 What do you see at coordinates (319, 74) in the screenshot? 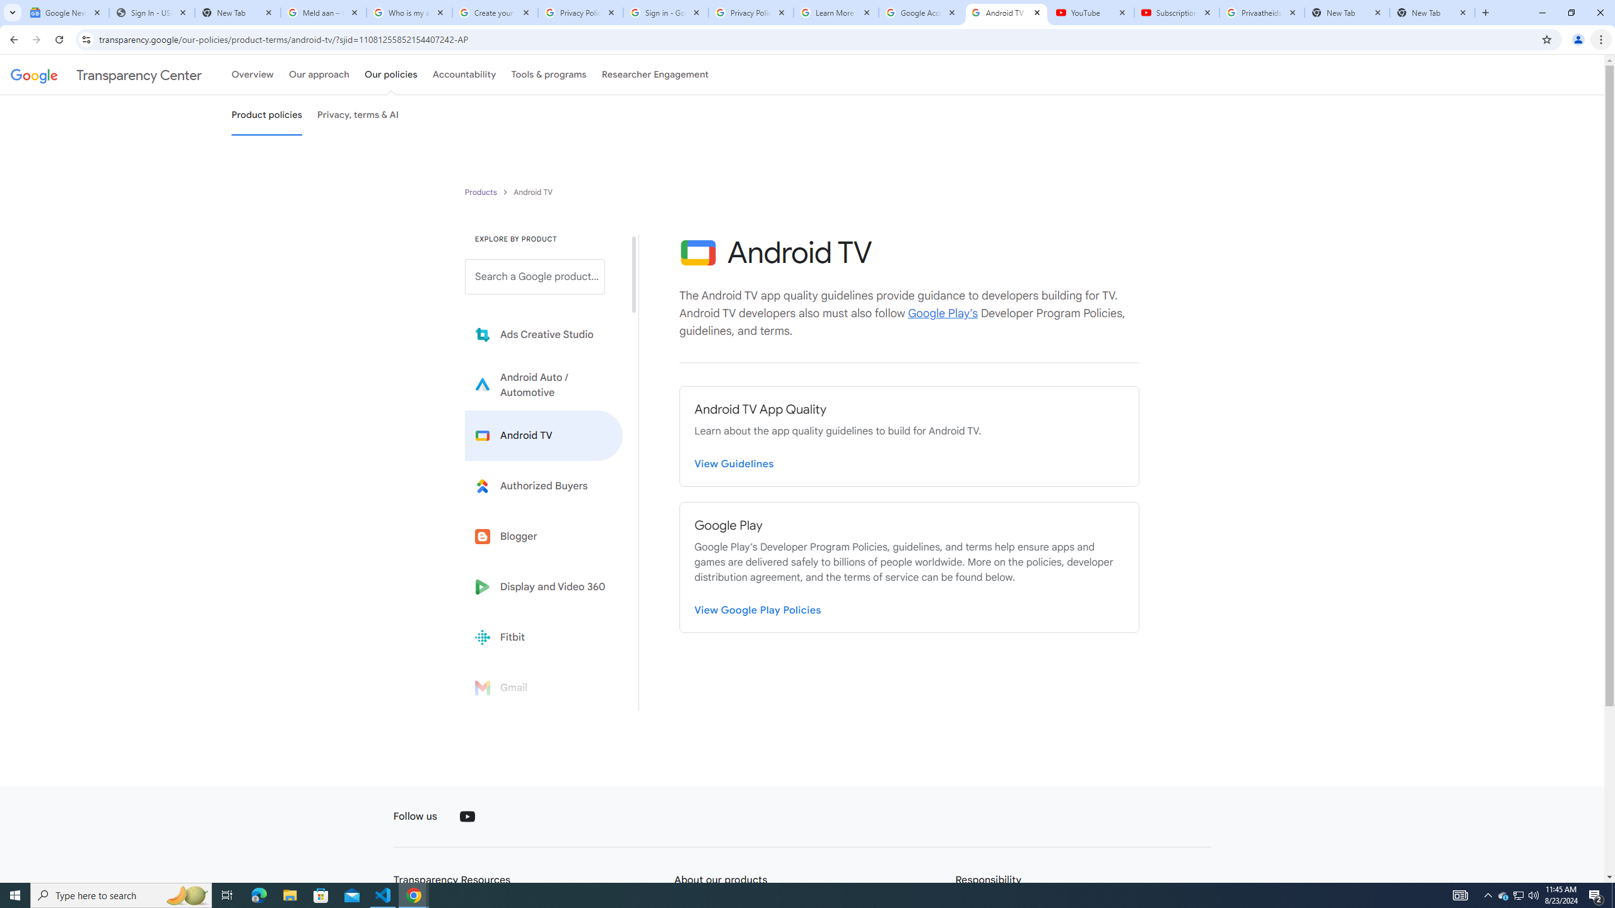
I see `'Our approach'` at bounding box center [319, 74].